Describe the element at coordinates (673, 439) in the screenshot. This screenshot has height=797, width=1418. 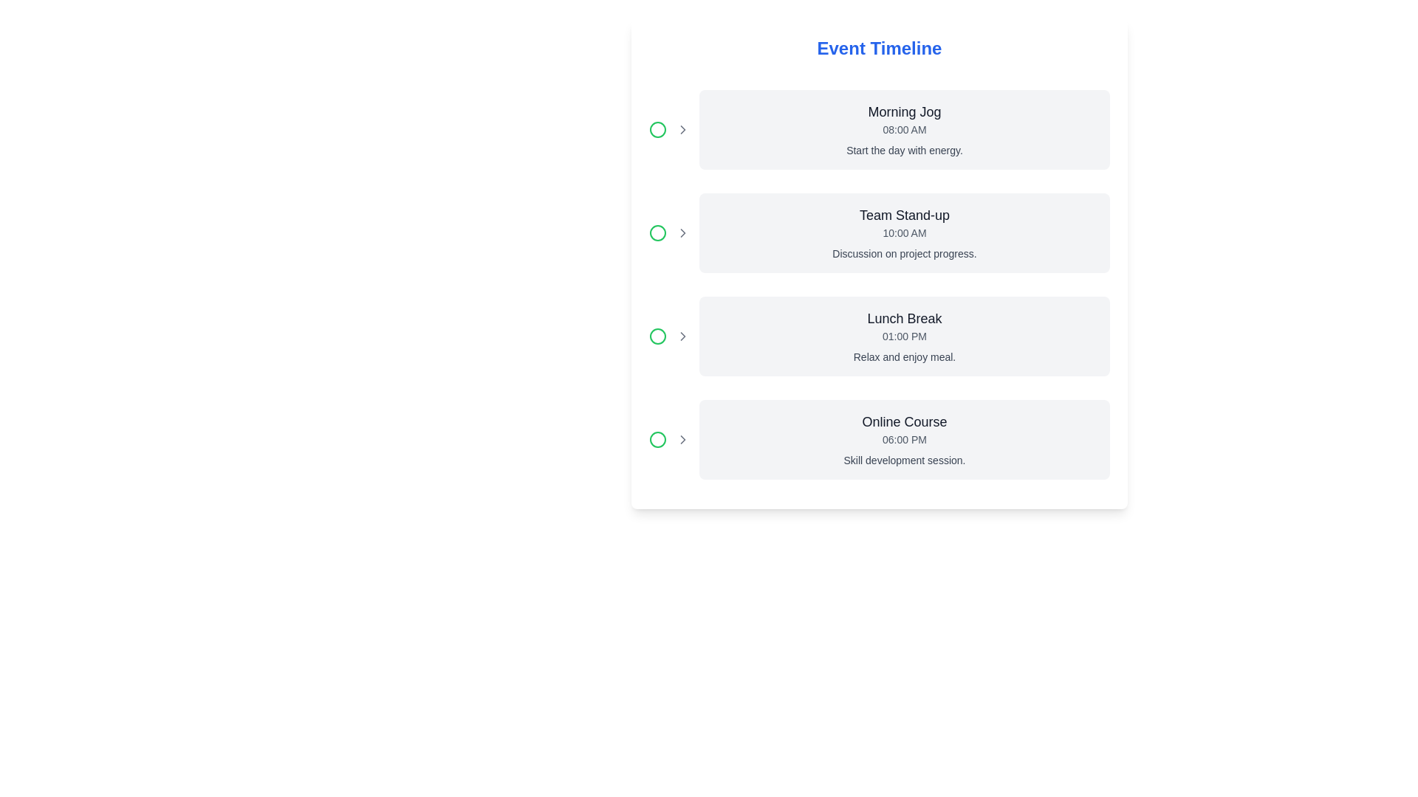
I see `the timeline entry represented by the green circle and gray chevron icons located to the left of the text block indicating 'Online Course', '06:00 PM', and 'Skill development session.'` at that location.